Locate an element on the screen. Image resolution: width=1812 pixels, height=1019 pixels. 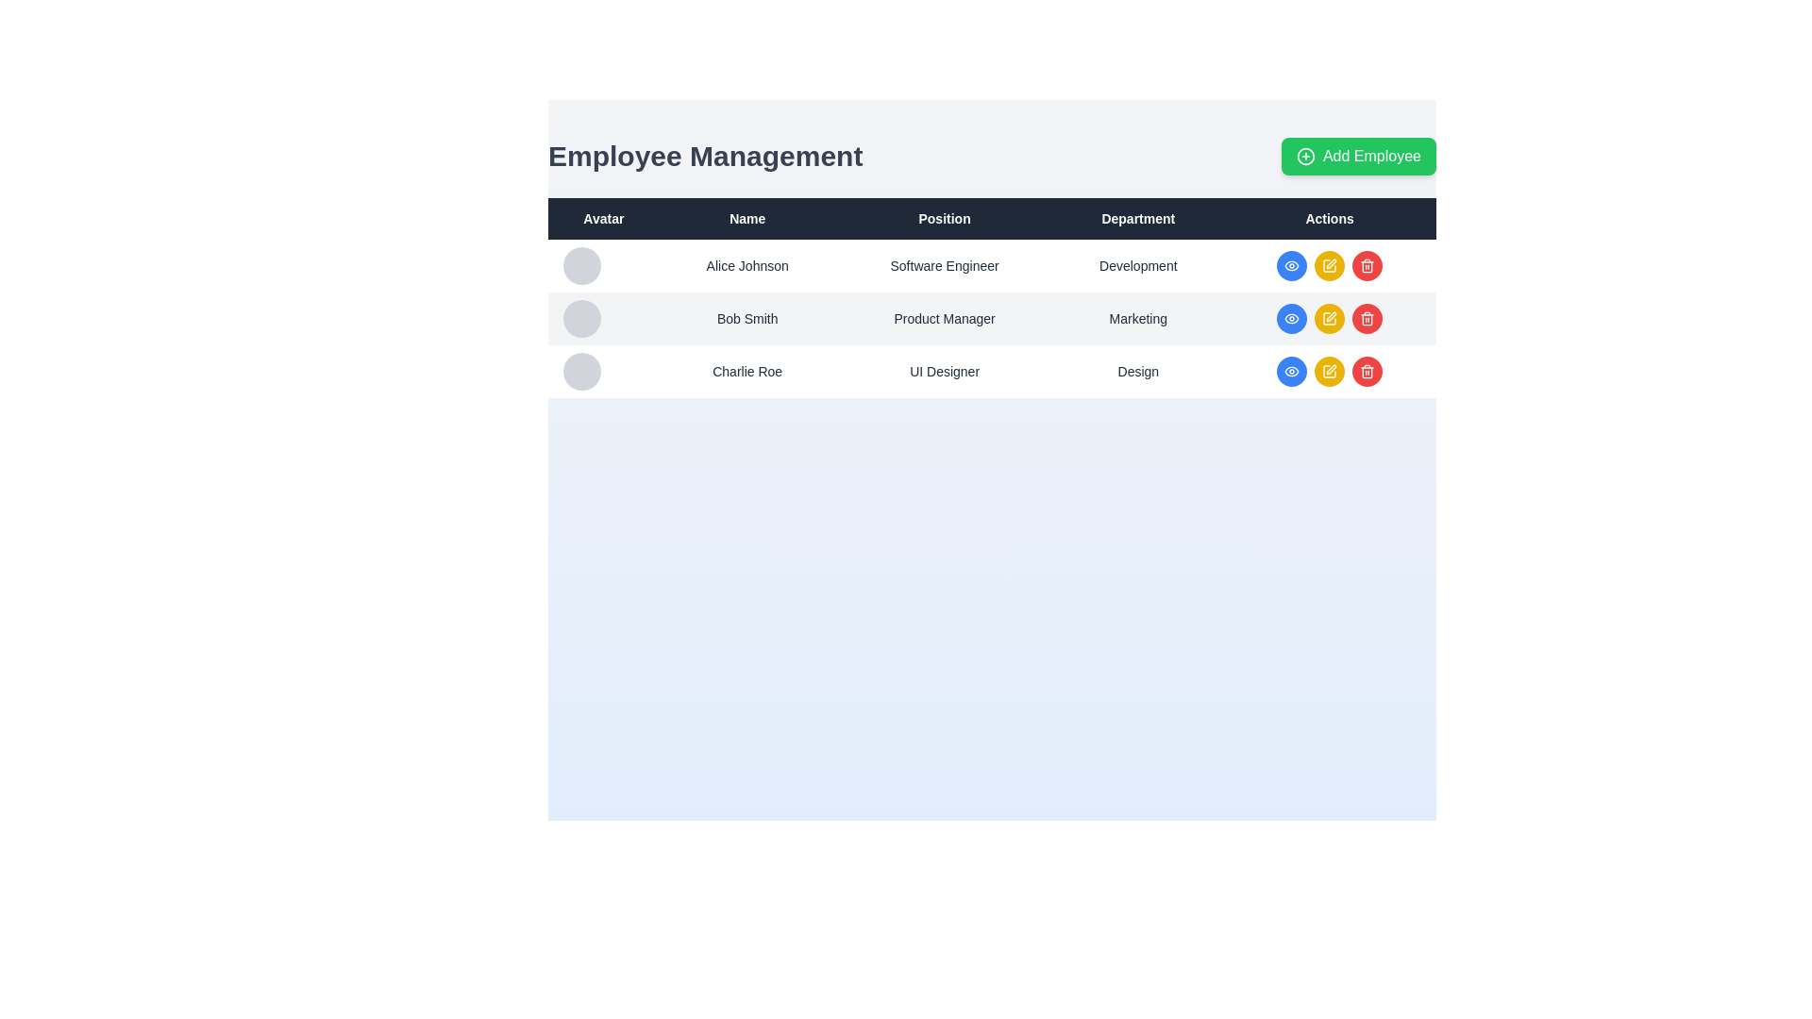
the edit button for Bob Smith's entry located in the Actions column, as the second button in the action controls group is located at coordinates (1329, 318).